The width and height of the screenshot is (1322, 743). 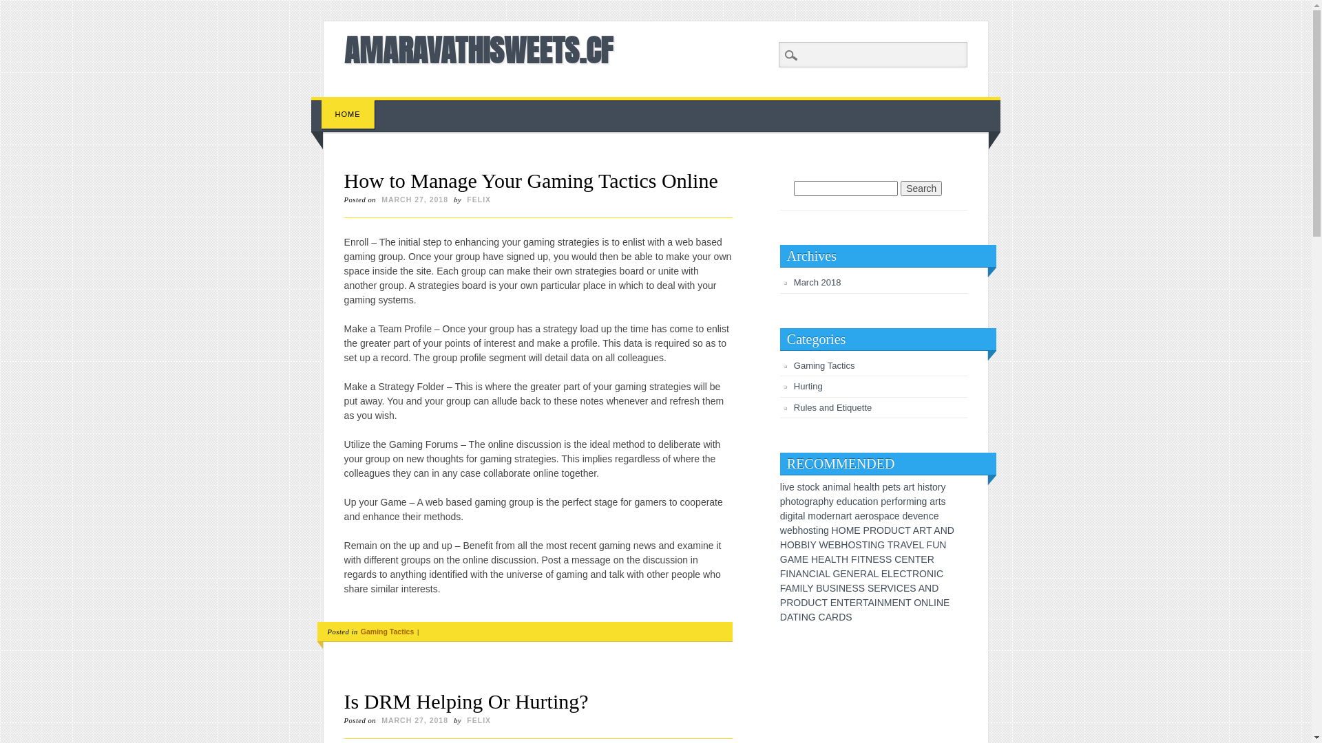 What do you see at coordinates (310, 103) in the screenshot?
I see `'Skip to content'` at bounding box center [310, 103].